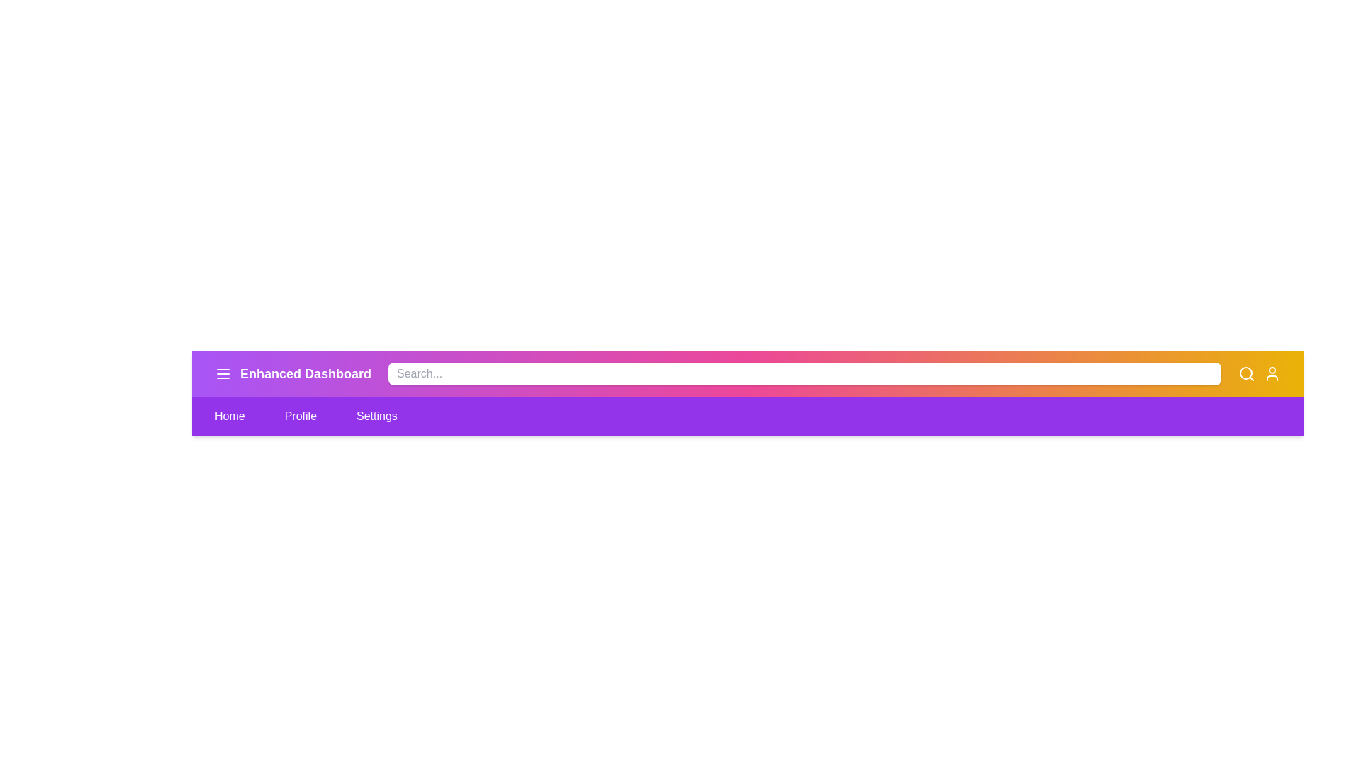  Describe the element at coordinates (1272, 373) in the screenshot. I see `the user profile icon to interact with the user profile` at that location.